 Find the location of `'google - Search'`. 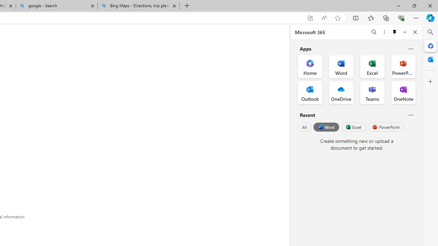

'google - Search' is located at coordinates (57, 6).